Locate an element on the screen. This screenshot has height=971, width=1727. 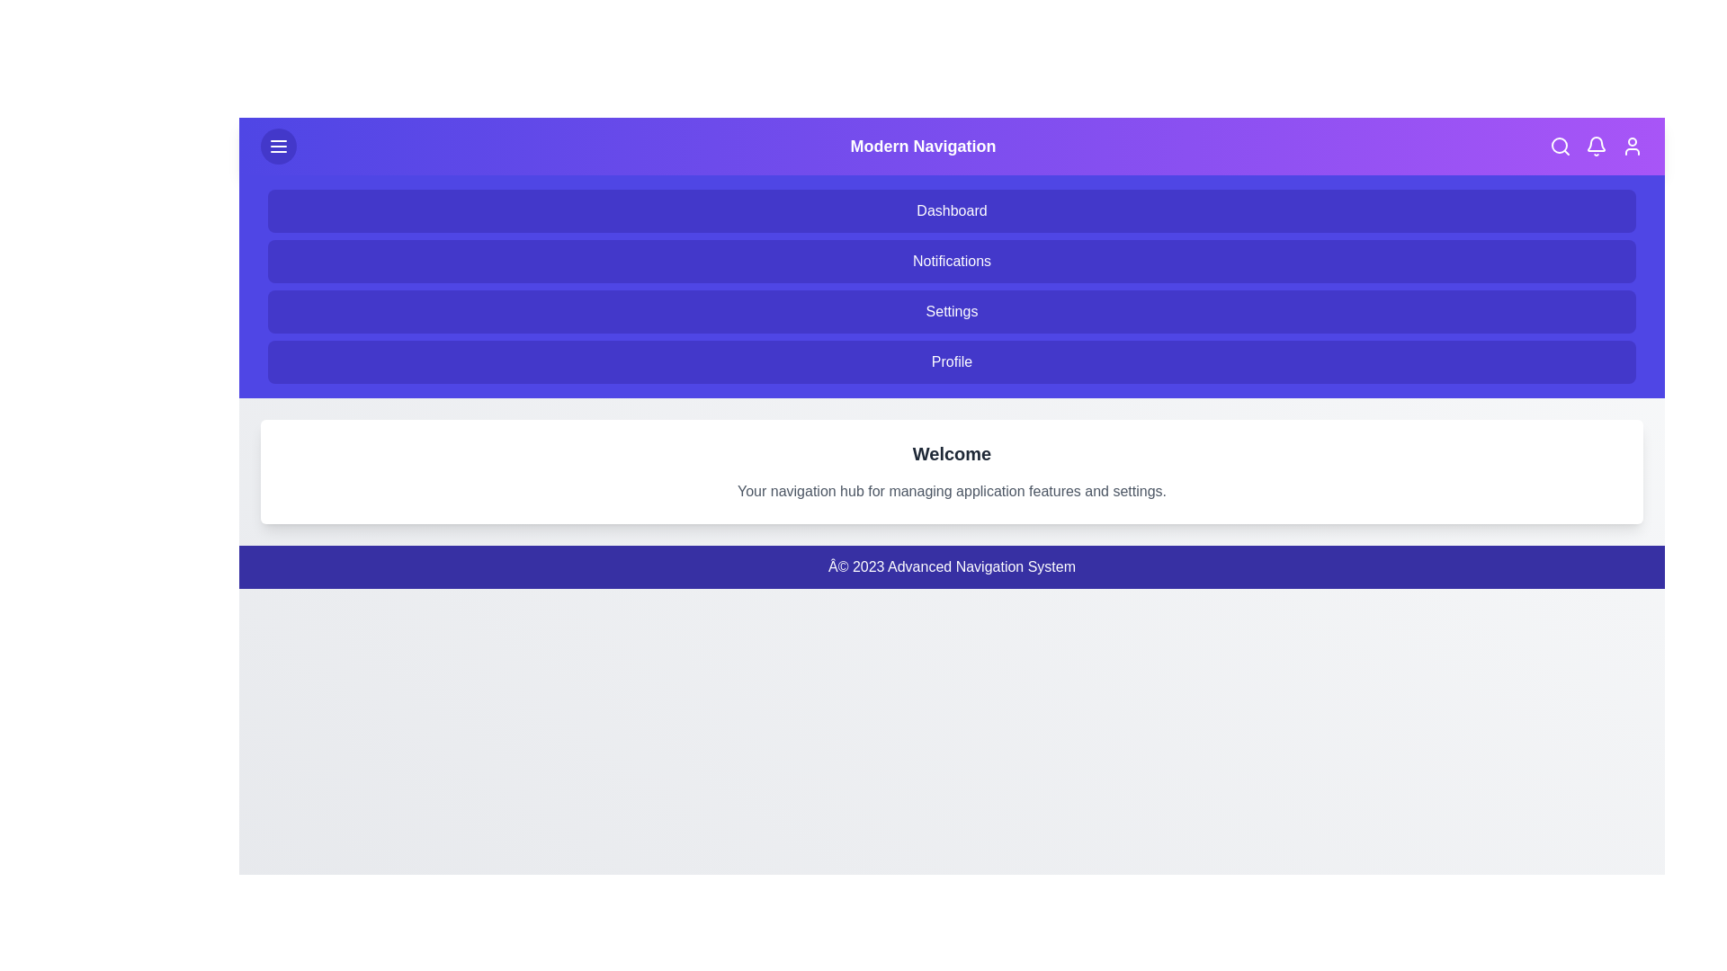
the bell icon in the navigation bar is located at coordinates (1597, 145).